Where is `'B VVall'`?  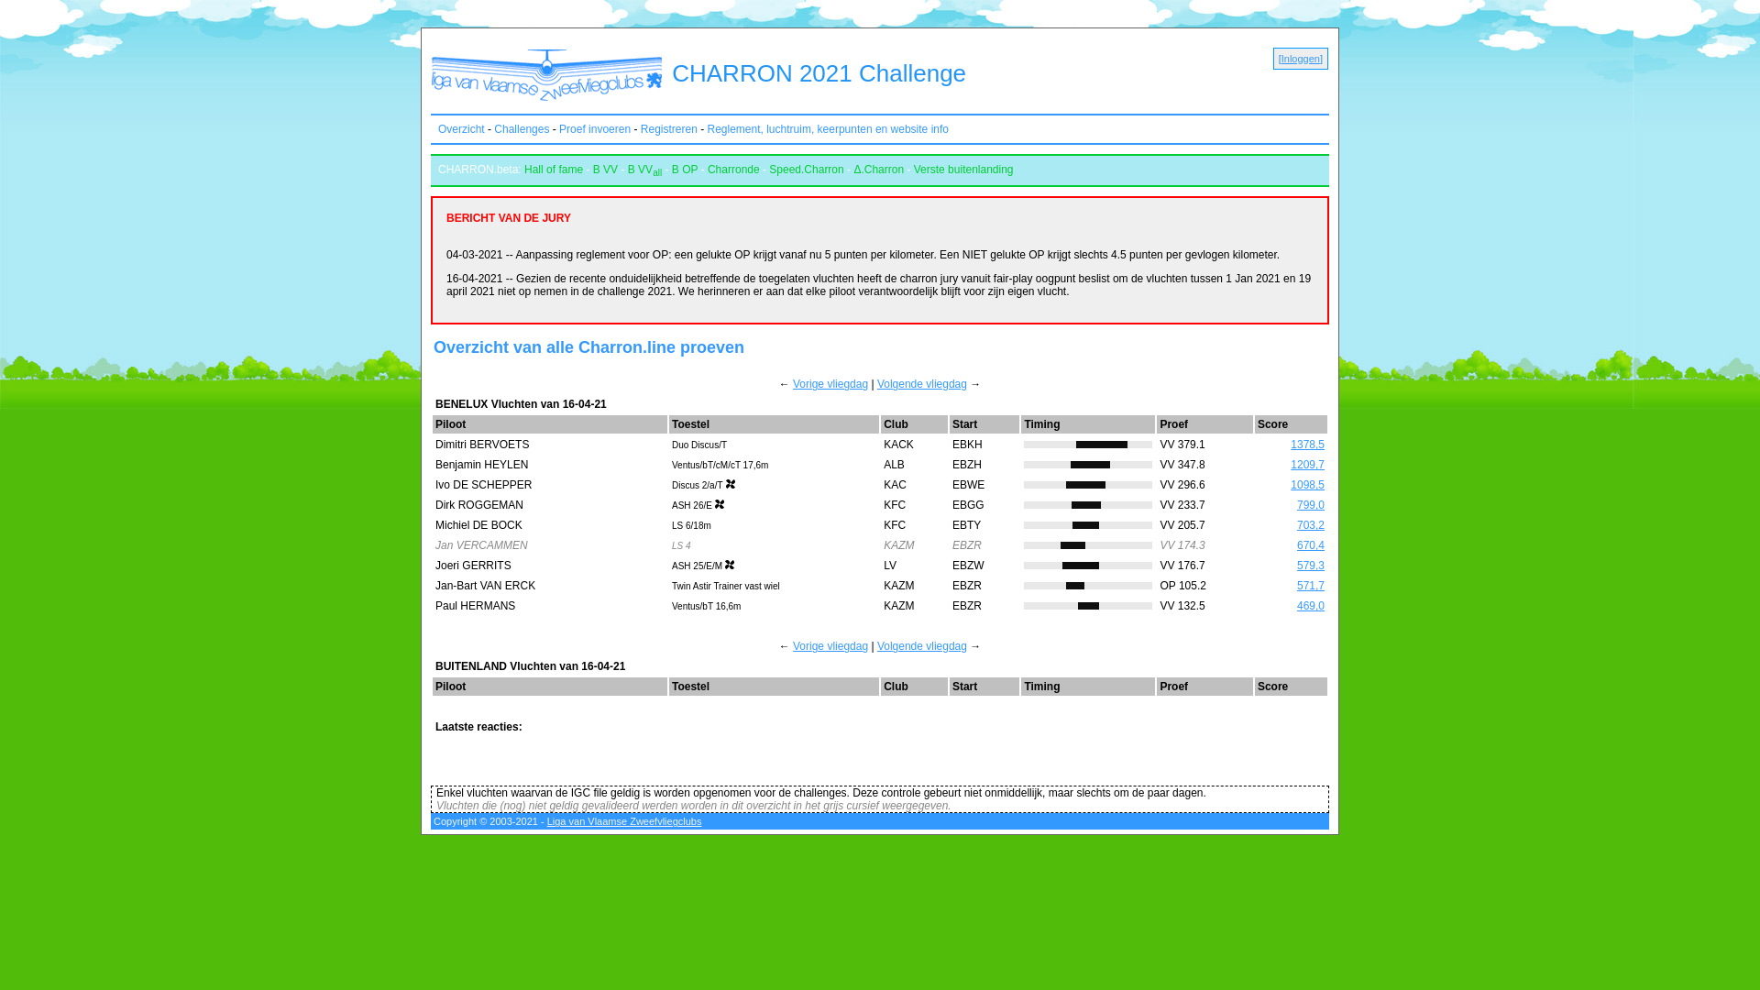
'B VVall' is located at coordinates (644, 170).